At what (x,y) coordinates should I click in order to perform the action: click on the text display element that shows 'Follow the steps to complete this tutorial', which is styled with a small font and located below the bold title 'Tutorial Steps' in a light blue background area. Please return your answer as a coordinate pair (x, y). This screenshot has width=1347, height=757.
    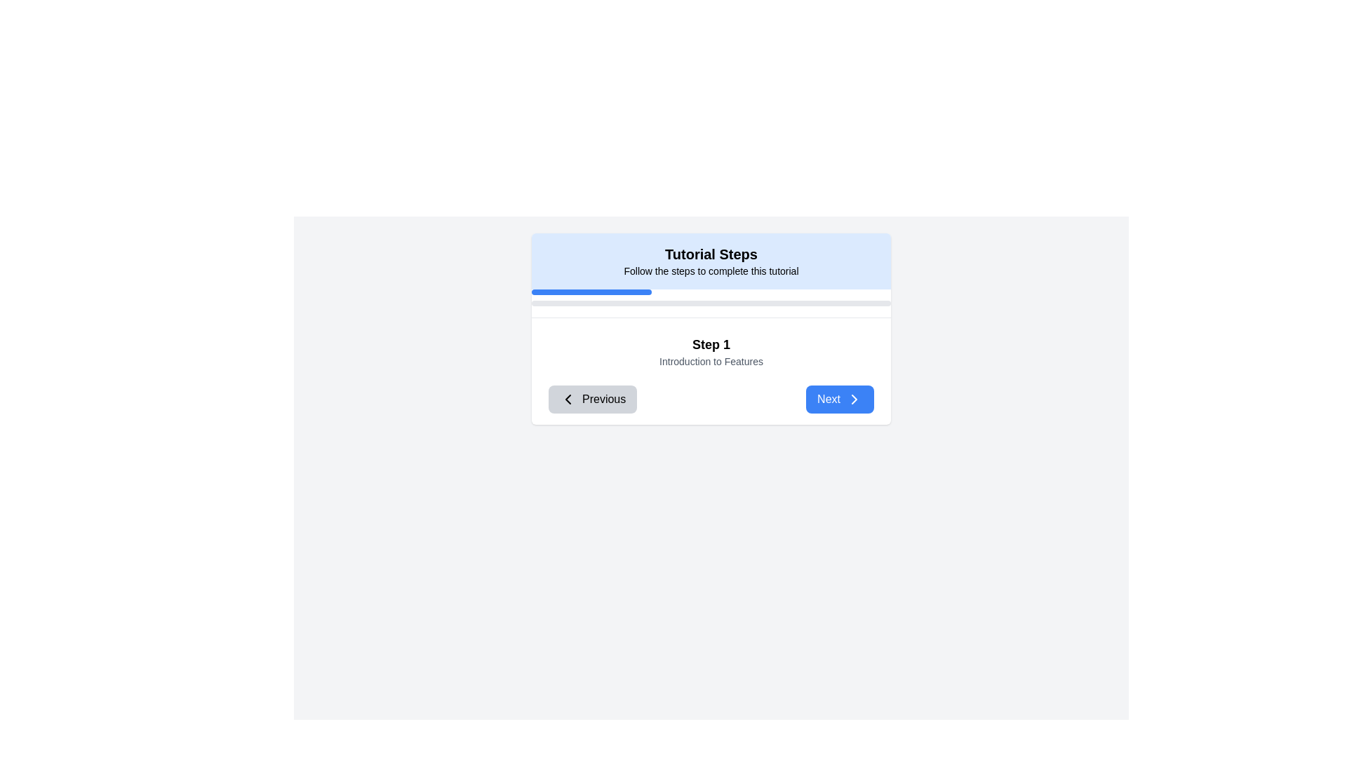
    Looking at the image, I should click on (711, 271).